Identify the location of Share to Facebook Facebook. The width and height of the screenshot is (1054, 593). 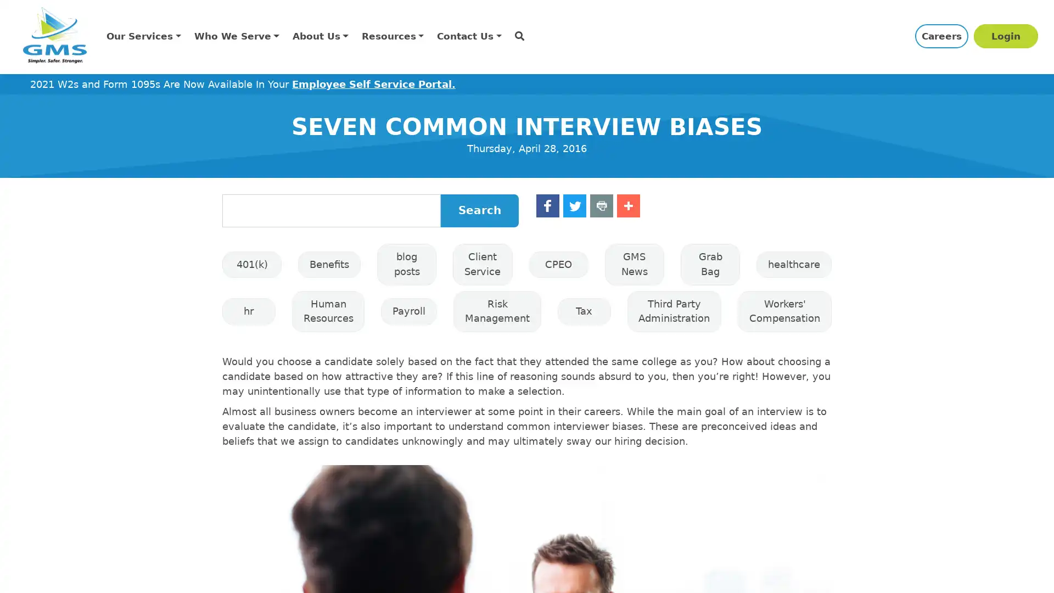
(567, 207).